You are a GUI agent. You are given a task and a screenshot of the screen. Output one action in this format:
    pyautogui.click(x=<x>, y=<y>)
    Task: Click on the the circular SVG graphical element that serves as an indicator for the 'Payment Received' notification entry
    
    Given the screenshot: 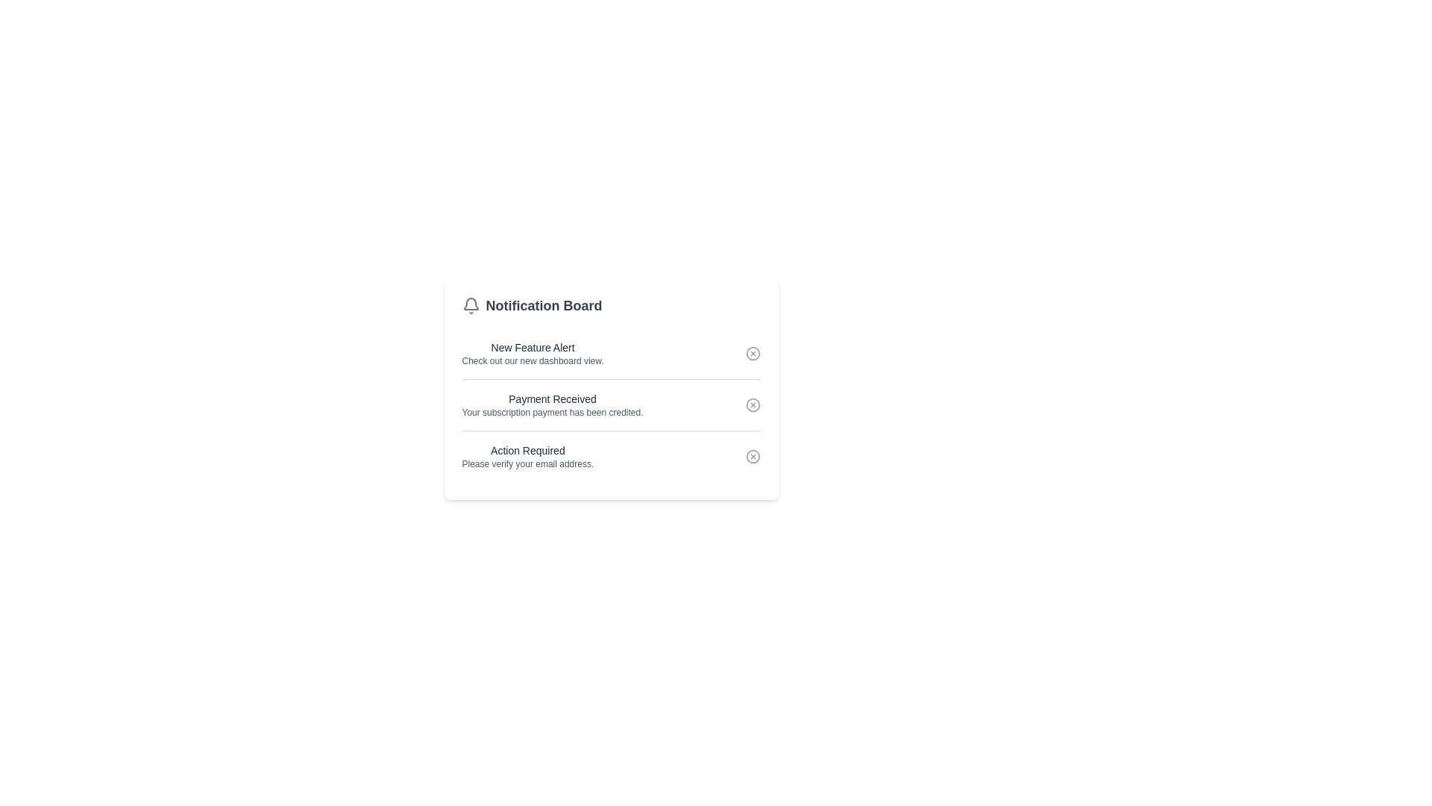 What is the action you would take?
    pyautogui.click(x=753, y=405)
    